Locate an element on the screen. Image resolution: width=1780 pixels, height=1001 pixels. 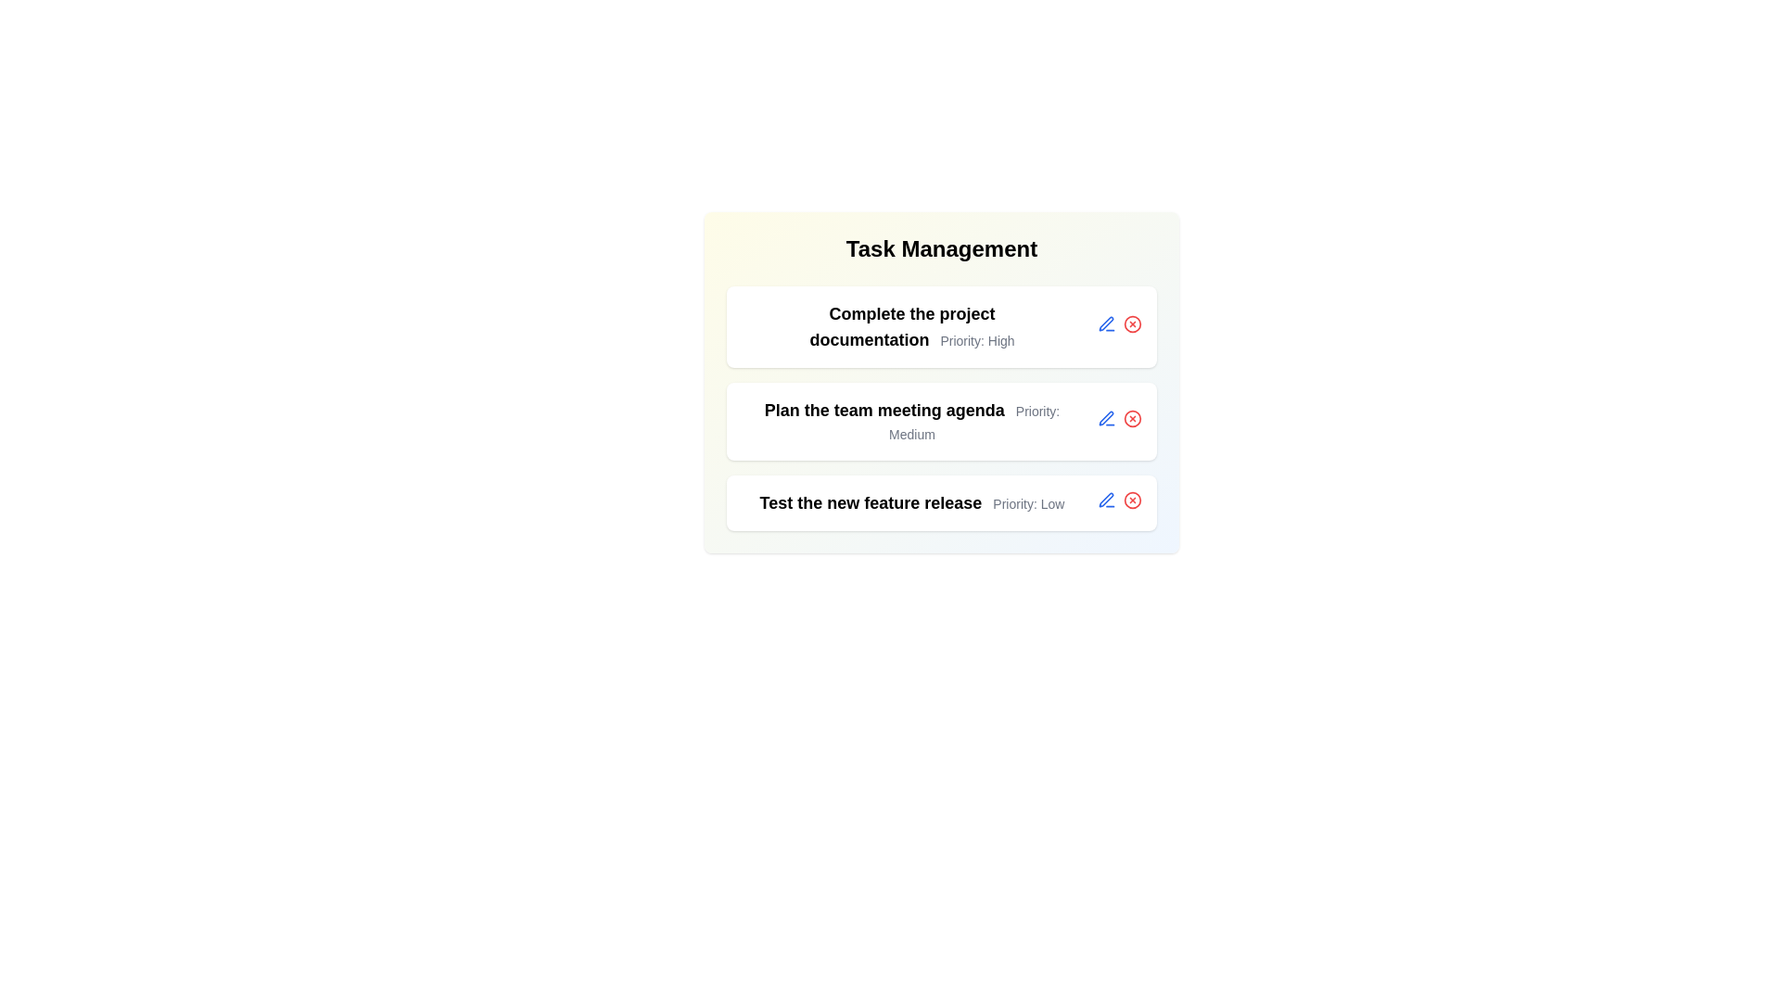
delete button for the task titled 'Plan the team meeting agenda' is located at coordinates (1132, 418).